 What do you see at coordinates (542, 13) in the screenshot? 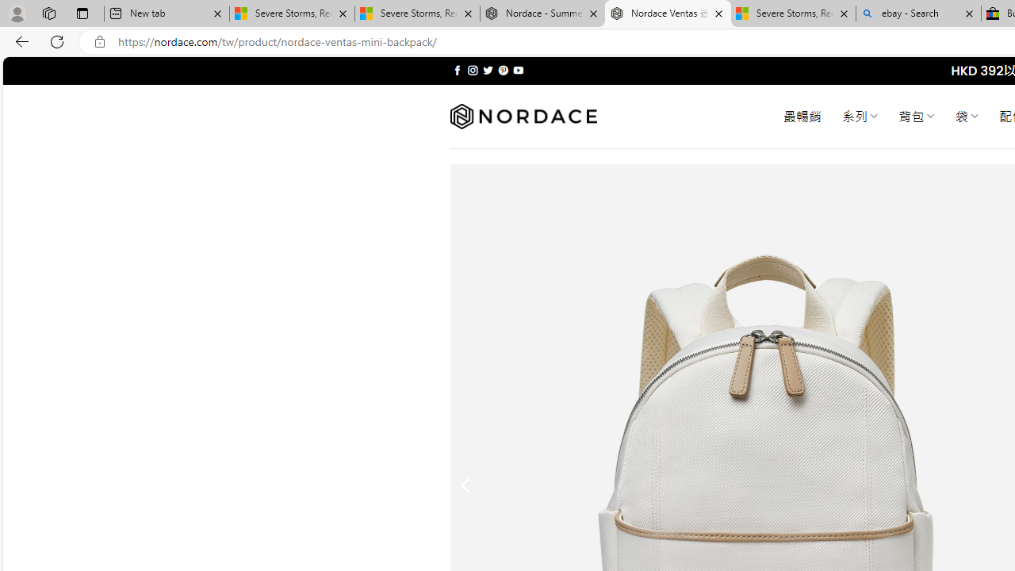
I see `'Nordace - Summer Adventures 2024'` at bounding box center [542, 13].